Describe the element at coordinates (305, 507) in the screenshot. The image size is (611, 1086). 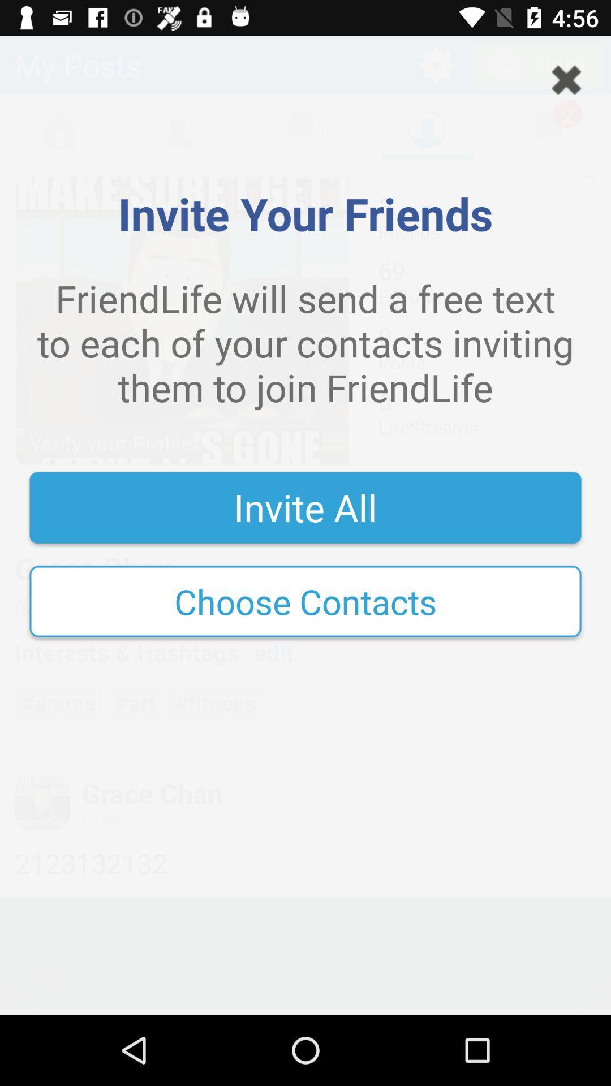
I see `invite all item` at that location.